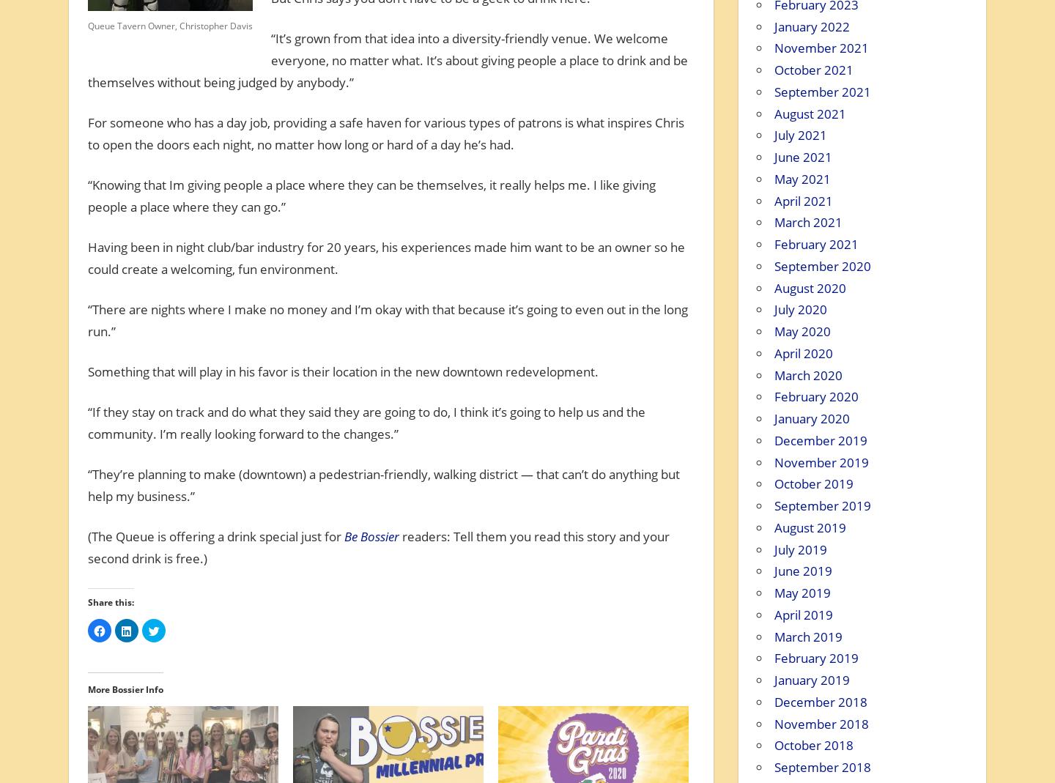 Image resolution: width=1055 pixels, height=783 pixels. I want to click on 'November 2019', so click(774, 461).